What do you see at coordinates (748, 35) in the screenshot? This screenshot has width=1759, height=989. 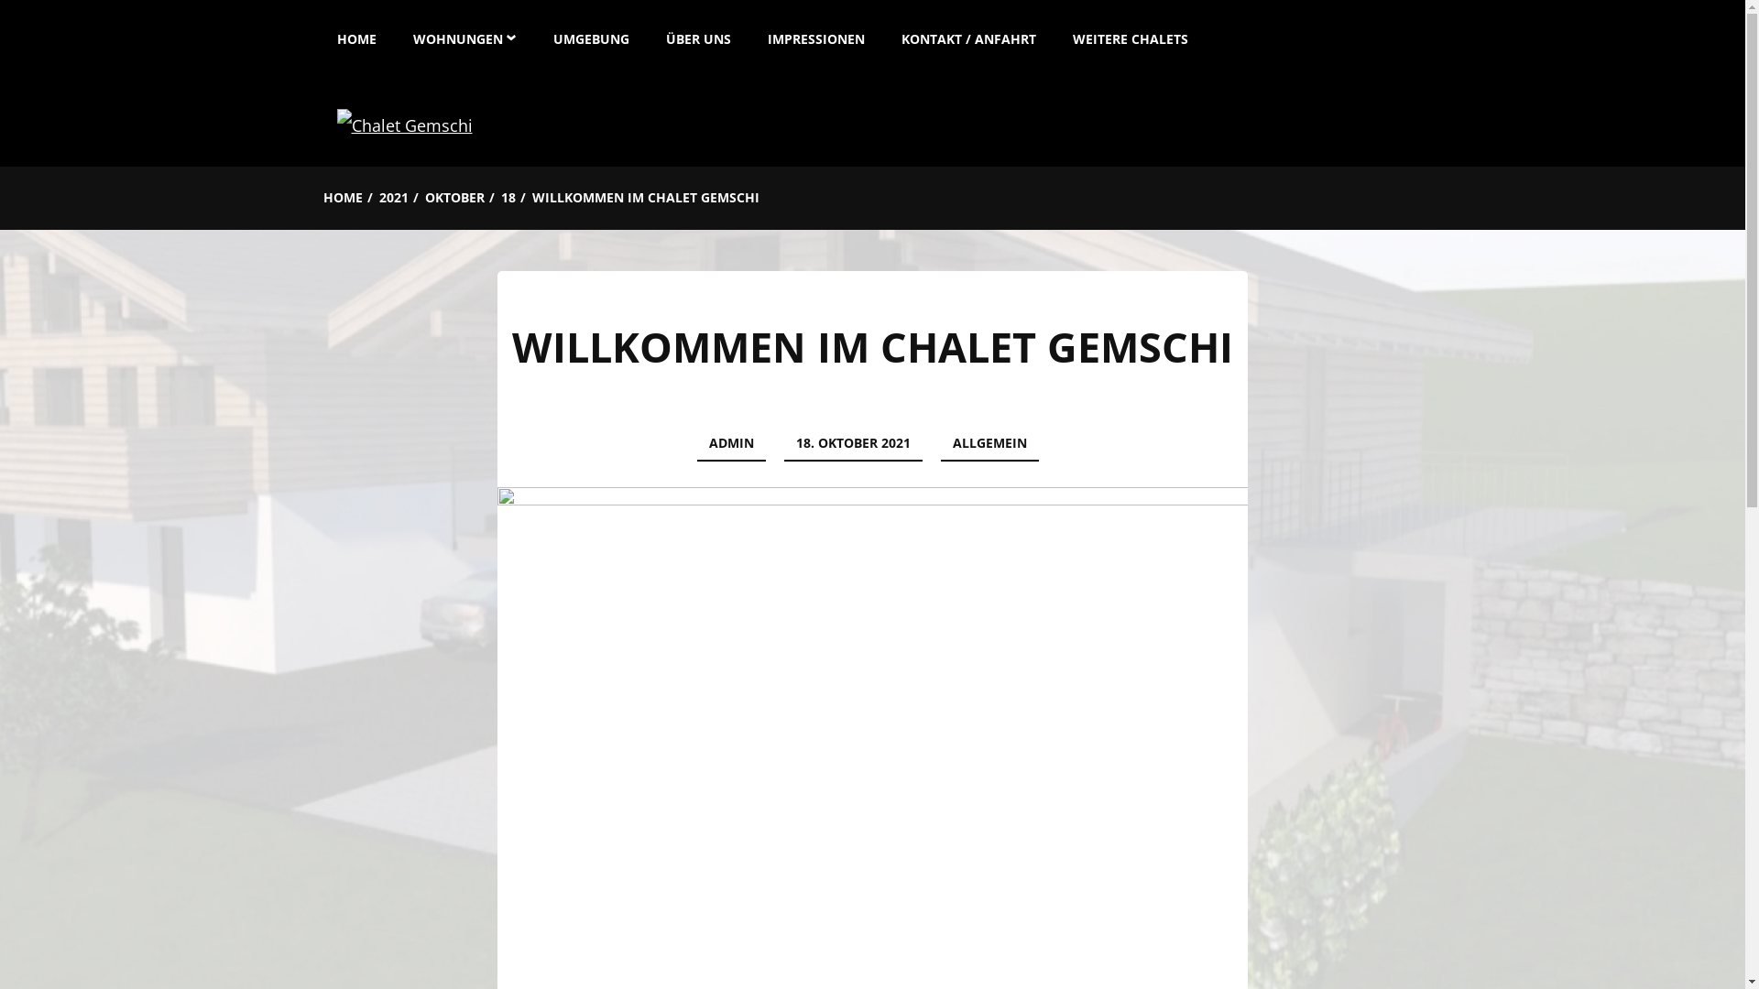 I see `'IMPRESSIONEN'` at bounding box center [748, 35].